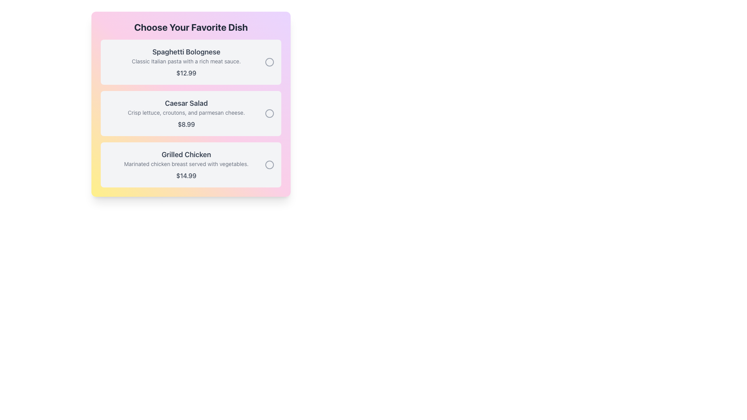 Image resolution: width=747 pixels, height=420 pixels. Describe the element at coordinates (186, 73) in the screenshot. I see `price text located at the bottom of the 'Spaghetti Bolognese' dish group, directly beneath its description text` at that location.